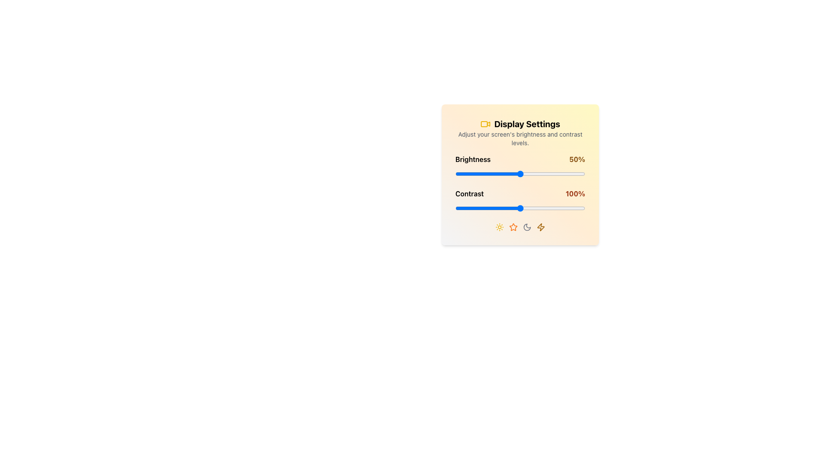 This screenshot has width=825, height=464. I want to click on the contrast level, so click(484, 208).